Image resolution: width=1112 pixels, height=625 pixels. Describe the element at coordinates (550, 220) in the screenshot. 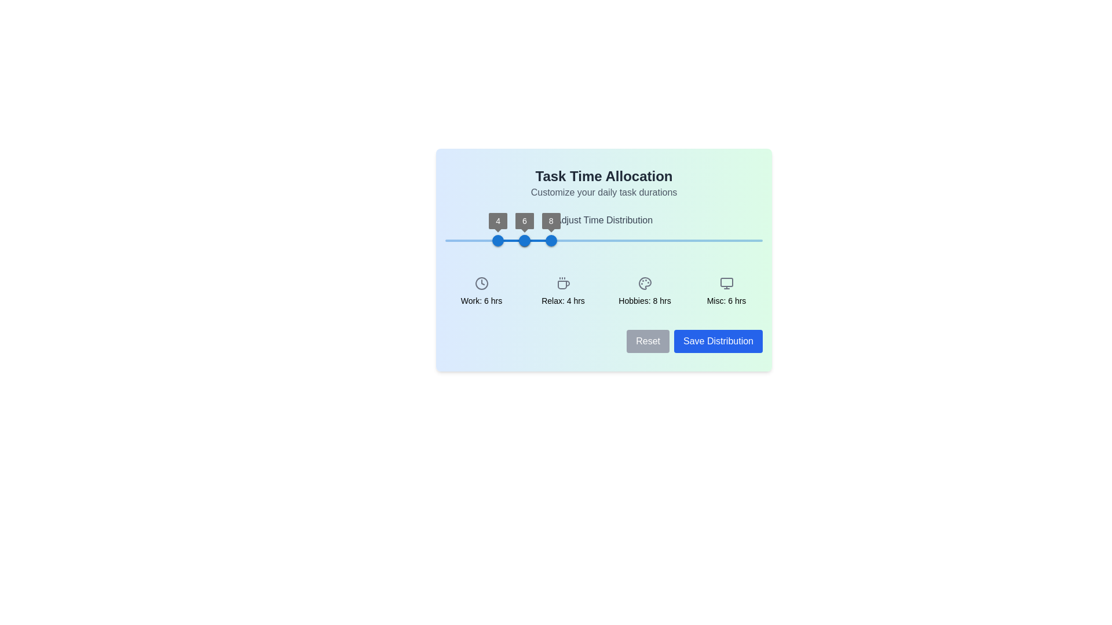

I see `the circular label displaying the numeric value '8' above the blue slider for the 'Hobbies' task category` at that location.